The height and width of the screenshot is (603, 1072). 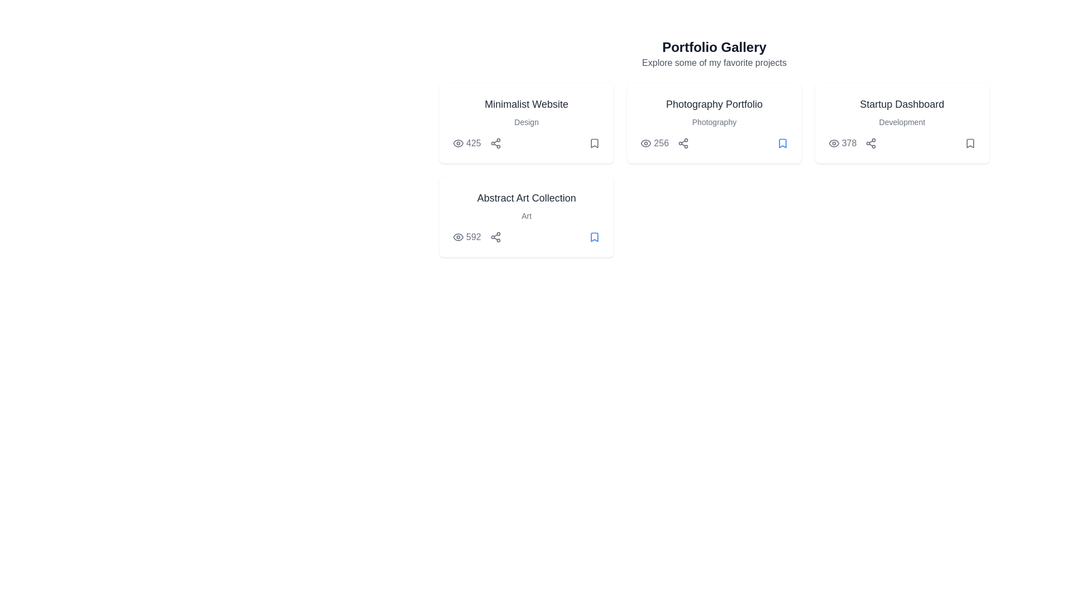 I want to click on number '425' displayed in the numeric label with an eye-shaped icon, which is the first element in the horizontal group beneath the title 'Minimalist Website', so click(x=467, y=143).